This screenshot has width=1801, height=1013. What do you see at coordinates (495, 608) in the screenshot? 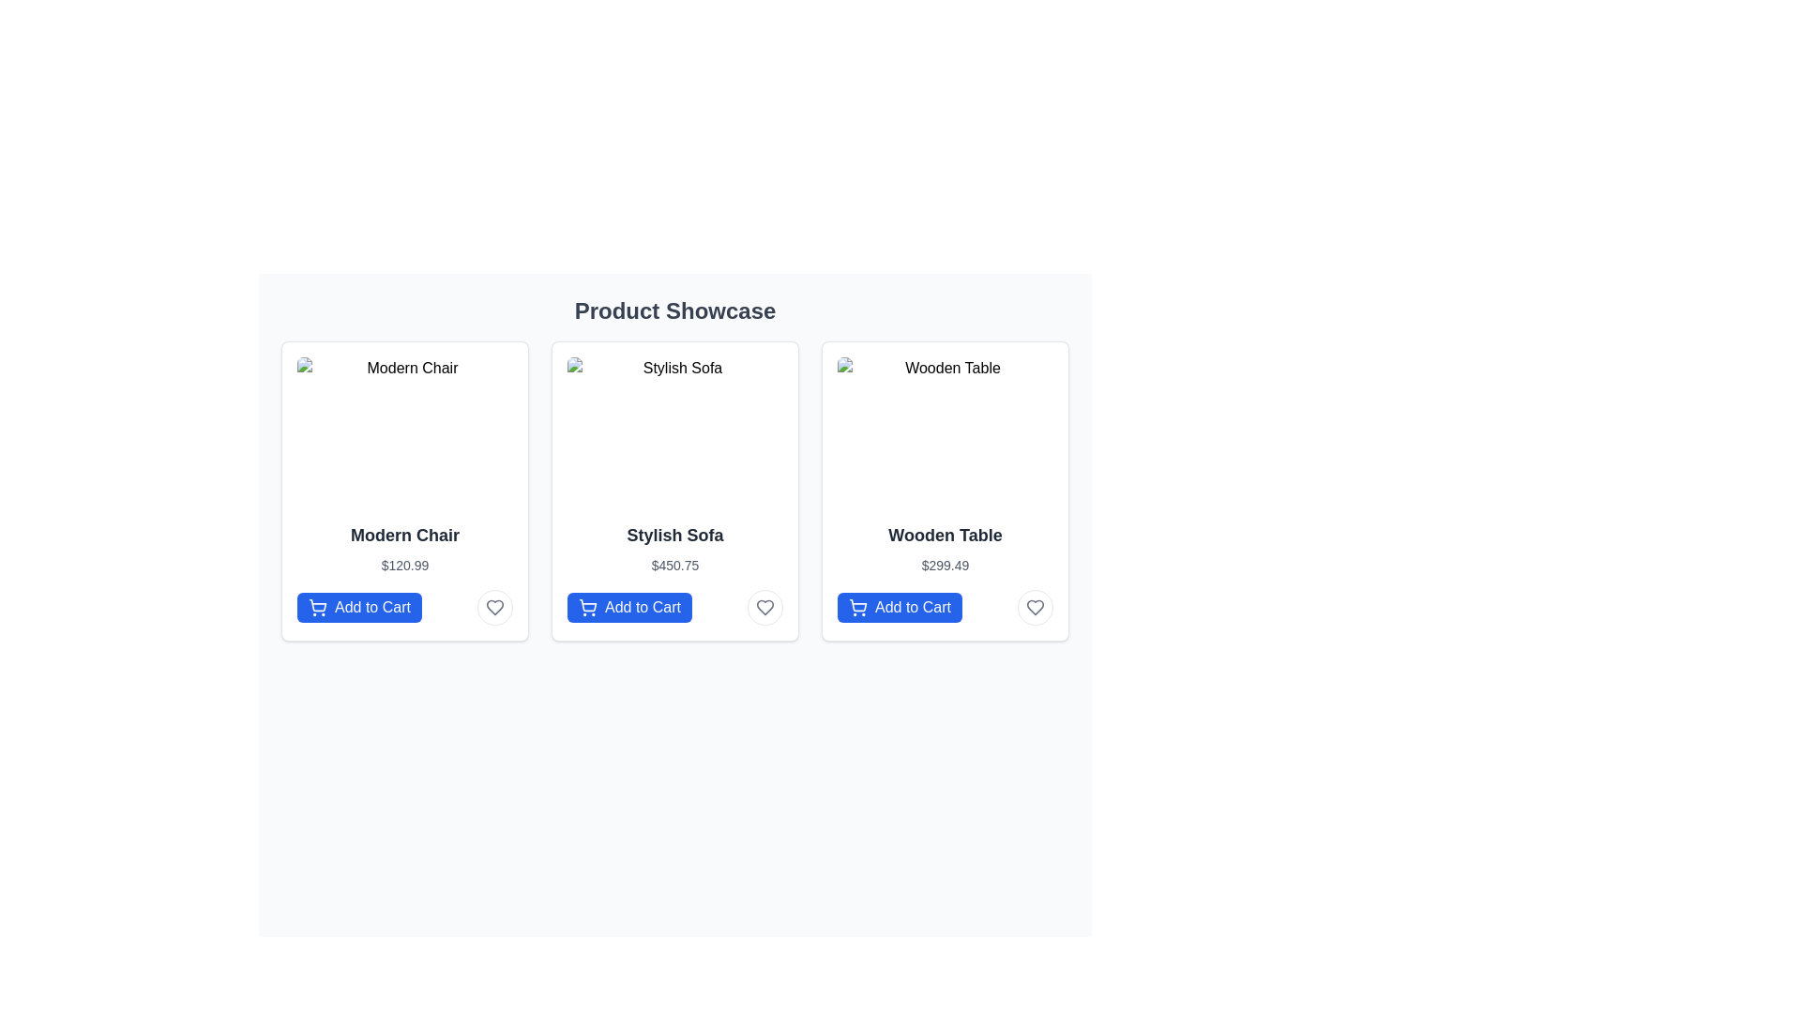
I see `the circular button with a heart-shaped icon located at the bottom right corner of the 'Stylish Sofa' product card` at bounding box center [495, 608].